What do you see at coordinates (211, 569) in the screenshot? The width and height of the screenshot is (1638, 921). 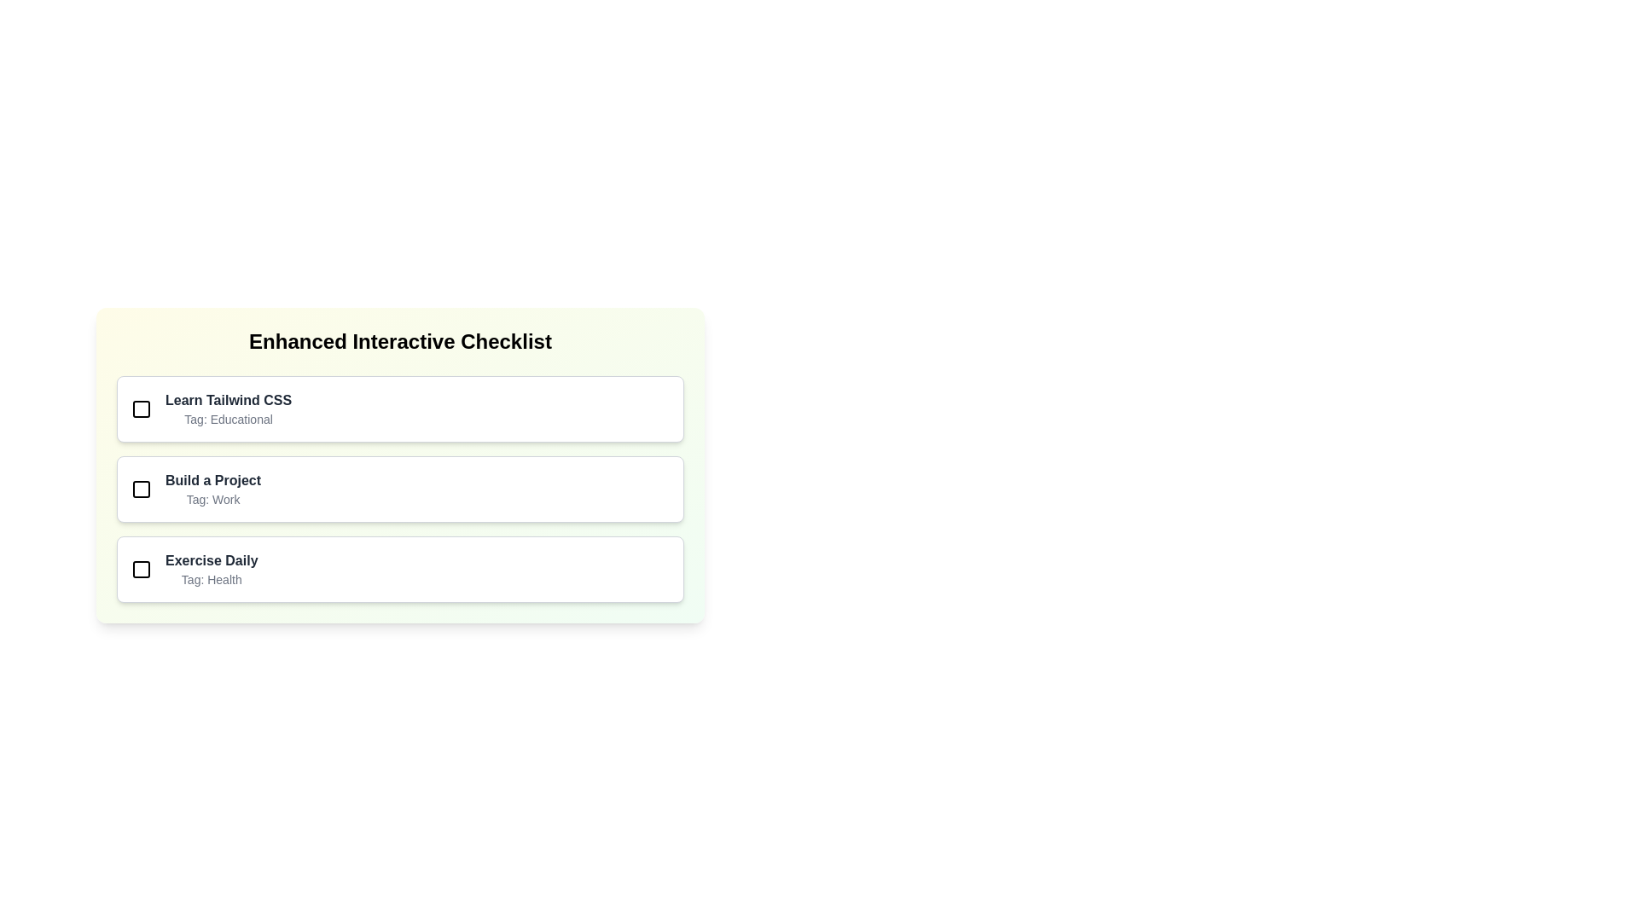 I see `the text label 'Exercise Daily' which is the third item in a vertical list within a selectable card, to possibly view additional details` at bounding box center [211, 569].